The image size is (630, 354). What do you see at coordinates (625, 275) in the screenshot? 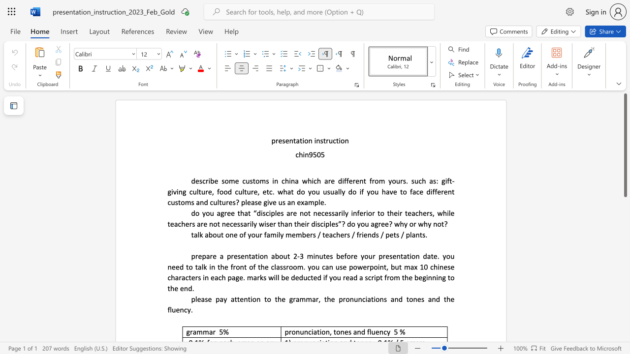
I see `the scrollbar to scroll the page down` at bounding box center [625, 275].